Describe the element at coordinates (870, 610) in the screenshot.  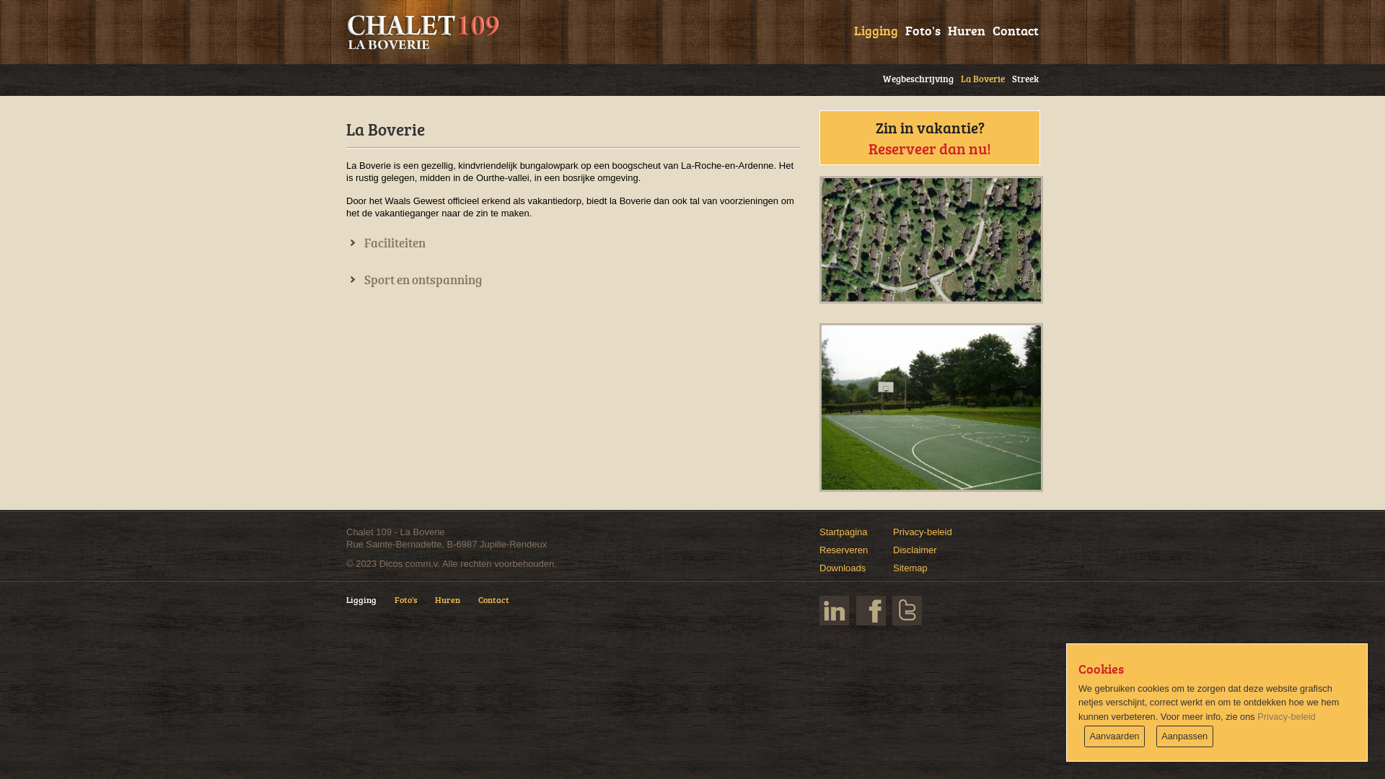
I see `'deel op Facebook'` at that location.